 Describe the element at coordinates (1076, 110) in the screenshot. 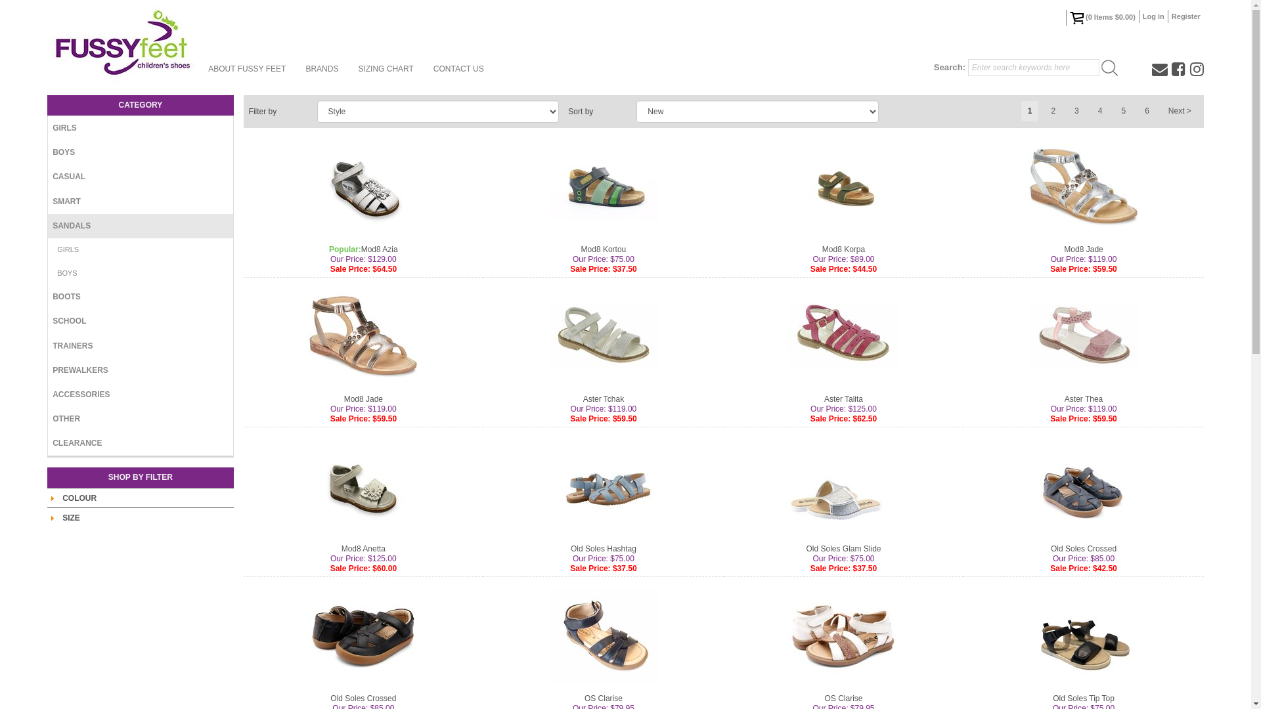

I see `'3'` at that location.